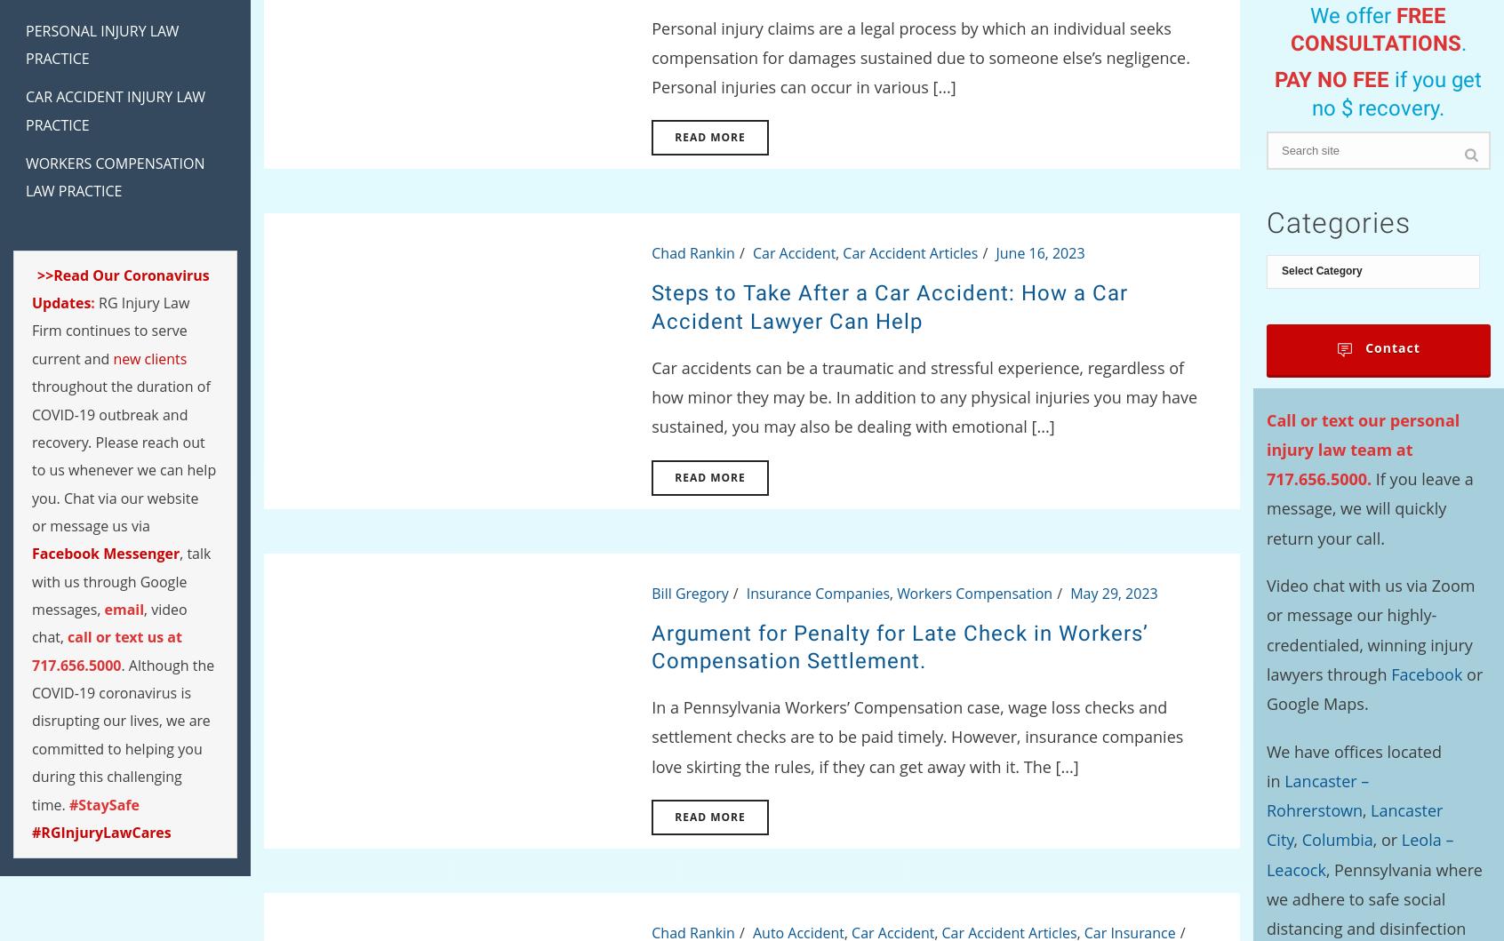 The image size is (1504, 941). I want to click on 'We have offices located in', so click(1353, 765).